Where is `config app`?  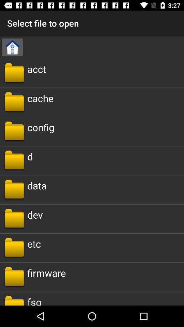 config app is located at coordinates (41, 127).